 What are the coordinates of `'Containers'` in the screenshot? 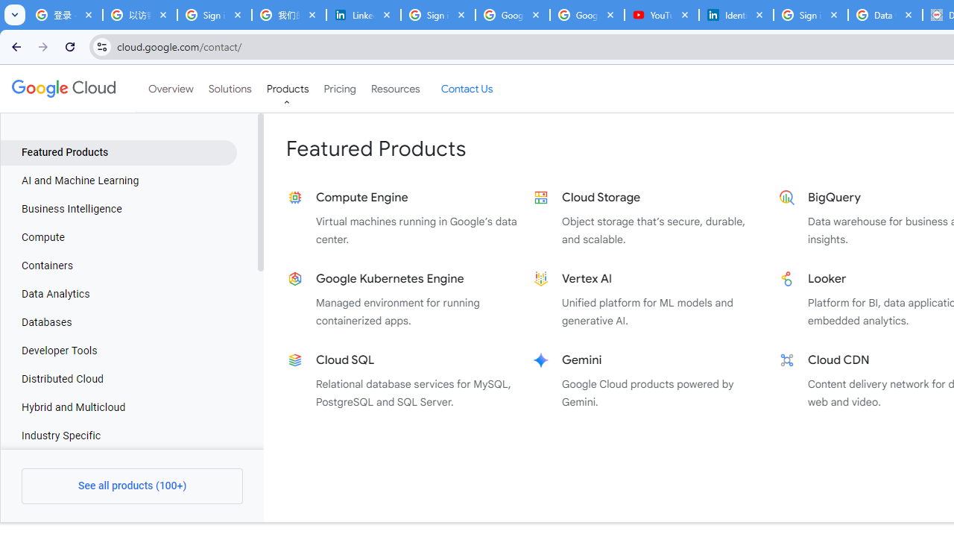 It's located at (118, 265).